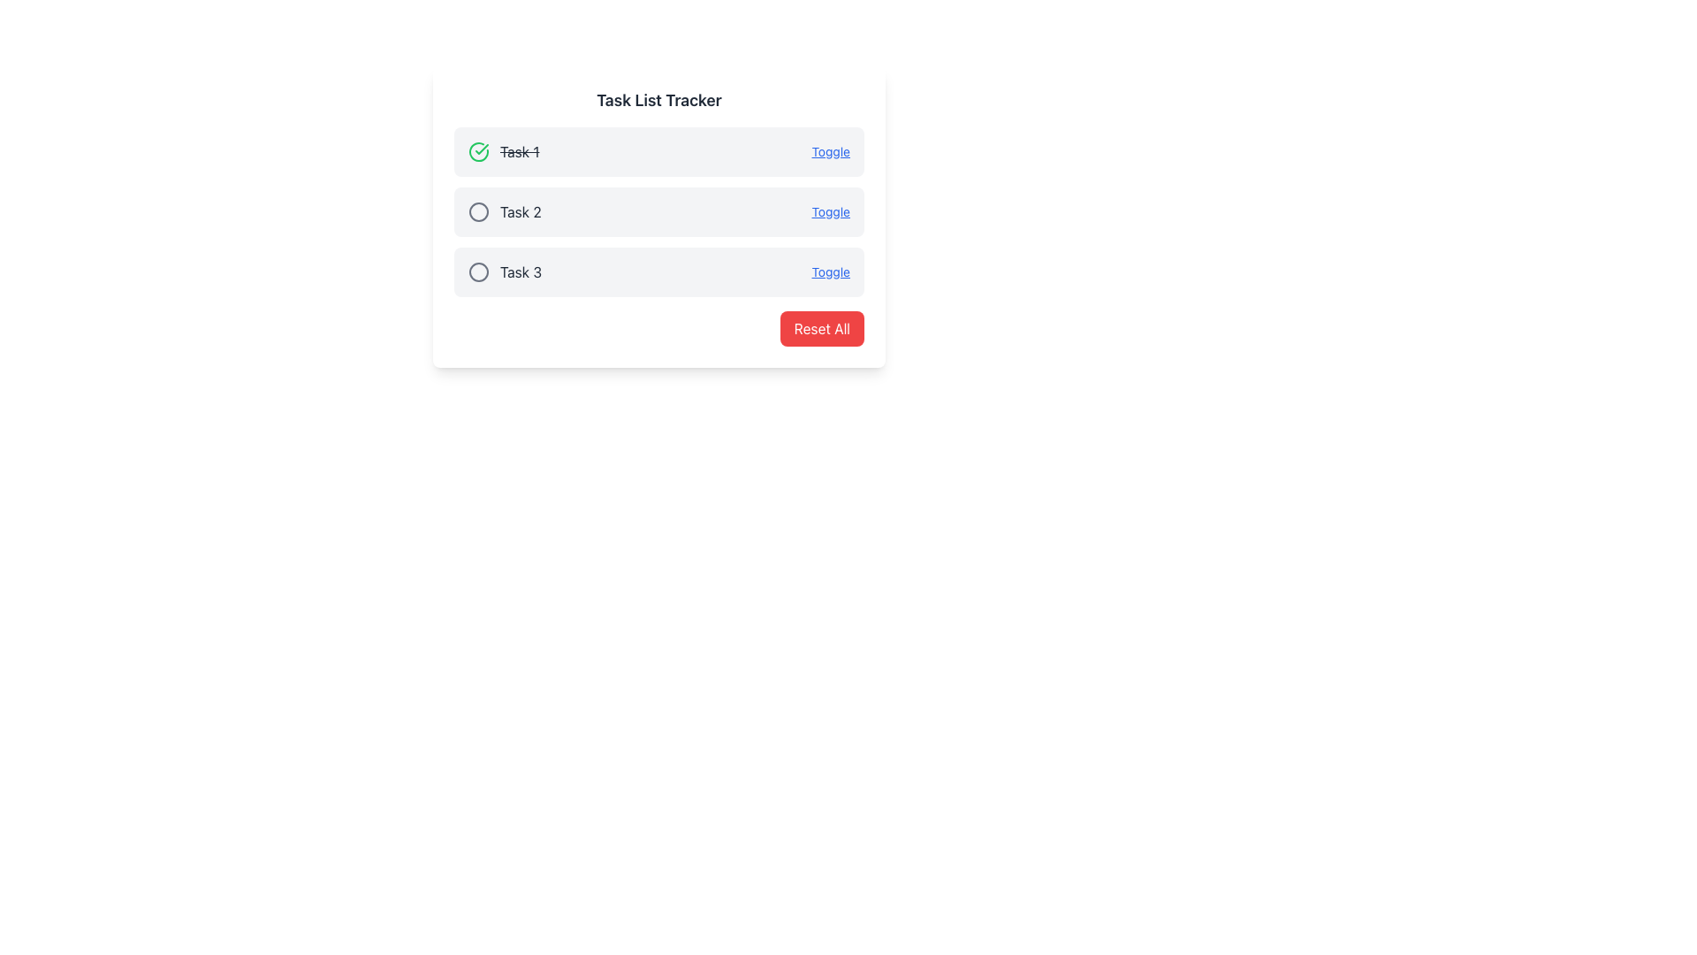 The image size is (1697, 955). Describe the element at coordinates (479, 151) in the screenshot. I see `the green check-mark icon that is positioned at the beginning of the 'Task 1' line in the task list` at that location.